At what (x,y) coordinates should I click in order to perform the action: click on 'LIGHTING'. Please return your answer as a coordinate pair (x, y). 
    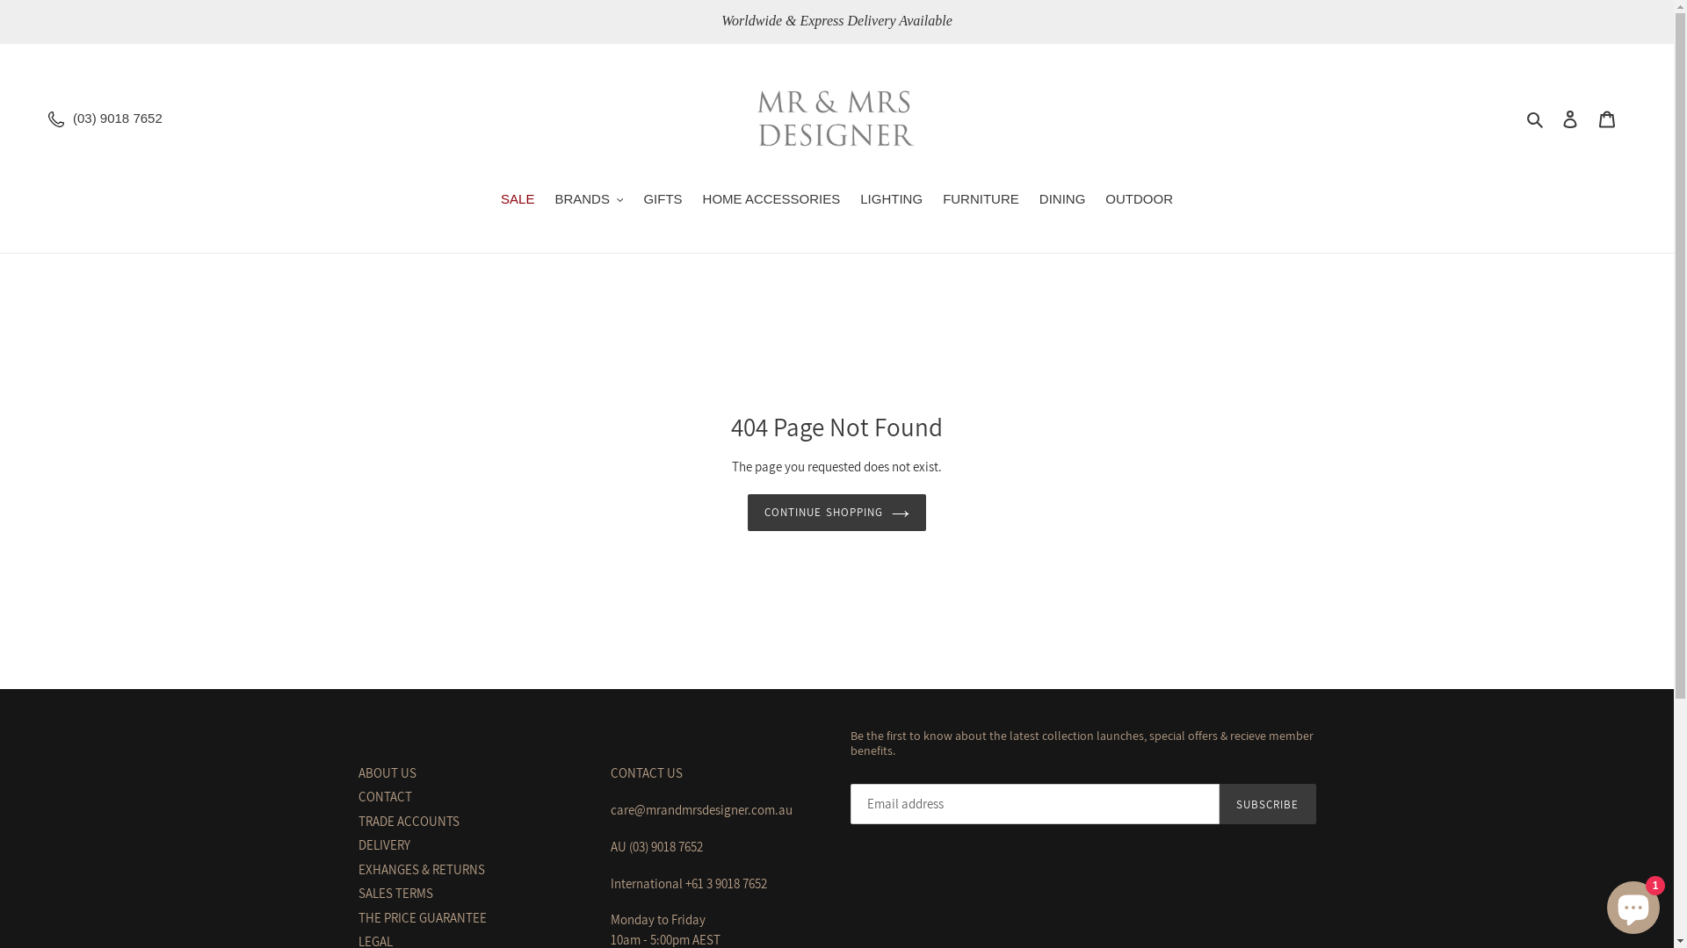
    Looking at the image, I should click on (891, 199).